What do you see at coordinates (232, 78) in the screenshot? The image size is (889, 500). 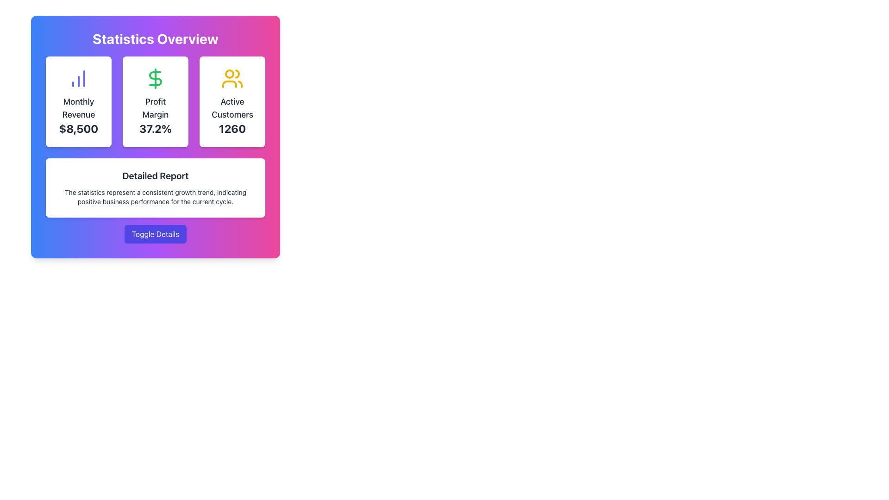 I see `the 'Active Customers' icon located centrally within the 'Active Customers' card, which is the third card in the row under the 'Statistics Overview' header` at bounding box center [232, 78].